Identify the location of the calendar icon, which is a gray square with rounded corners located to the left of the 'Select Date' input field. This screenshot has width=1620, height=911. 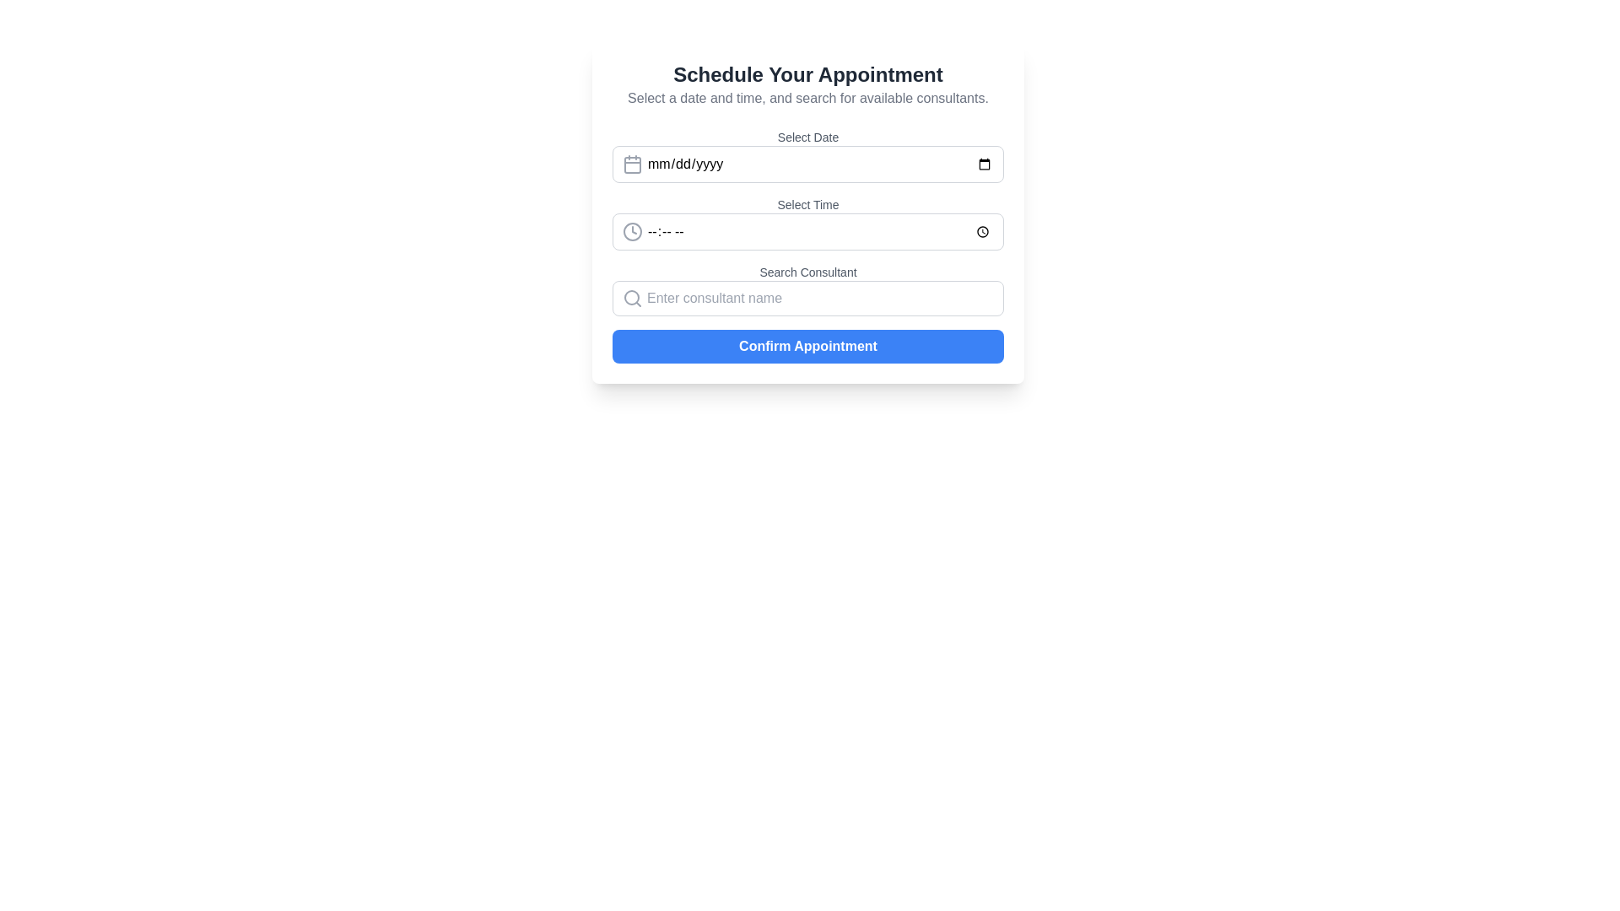
(631, 164).